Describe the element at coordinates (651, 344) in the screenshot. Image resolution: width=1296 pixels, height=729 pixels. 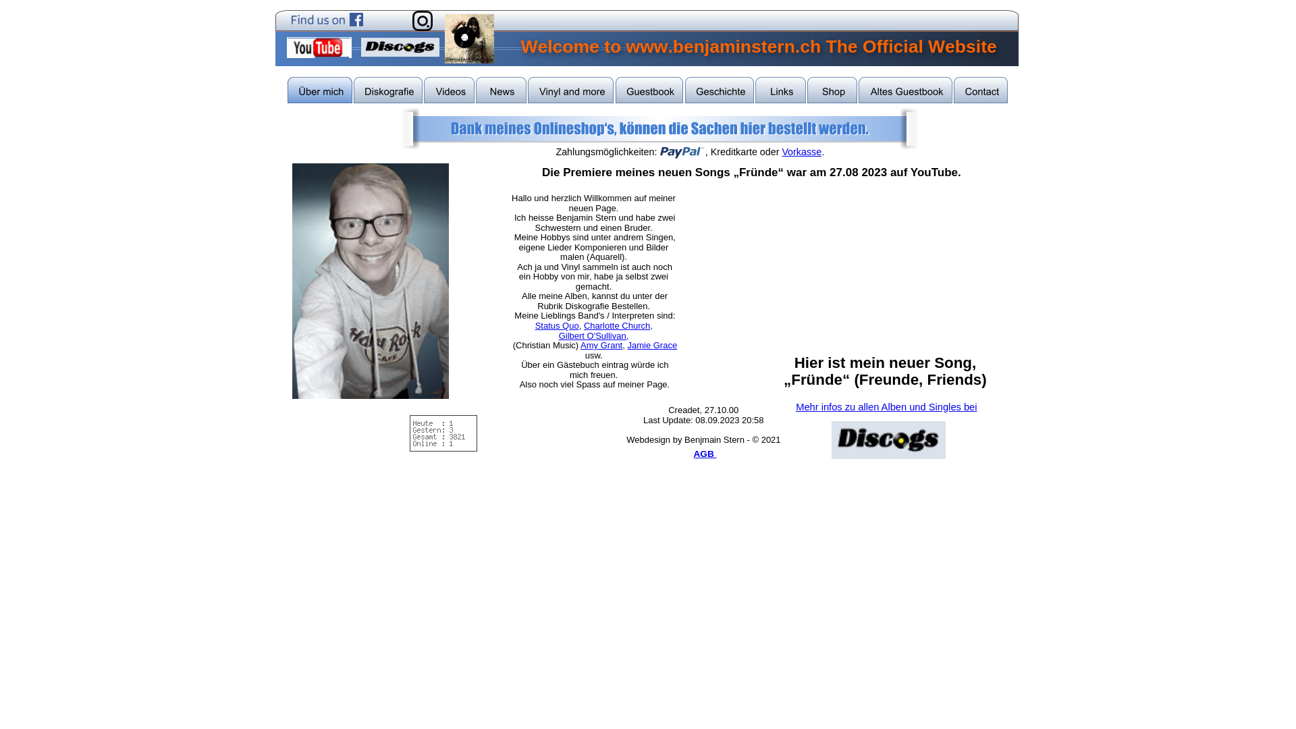
I see `'Jamie Grace'` at that location.